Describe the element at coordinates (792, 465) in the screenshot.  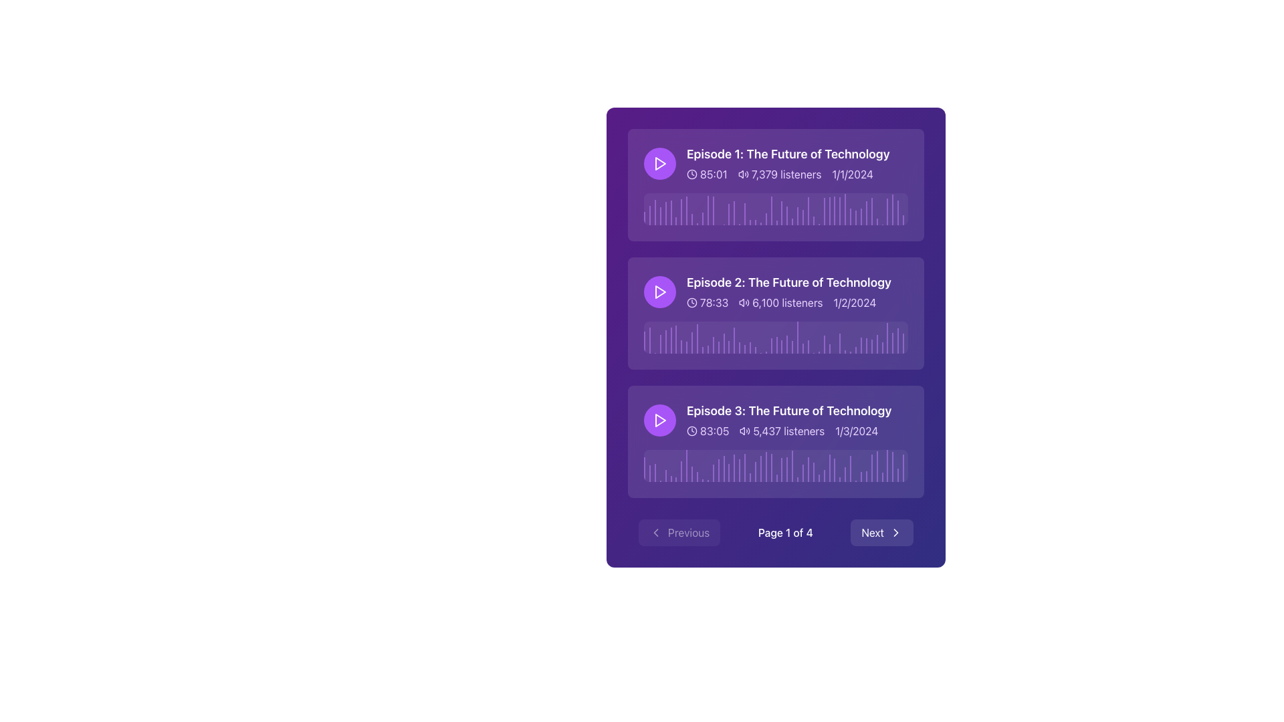
I see `the graphical indicator or progress bar located in the third card of the vertically arranged list, positioned within the waveform area, to read the associated data point` at that location.